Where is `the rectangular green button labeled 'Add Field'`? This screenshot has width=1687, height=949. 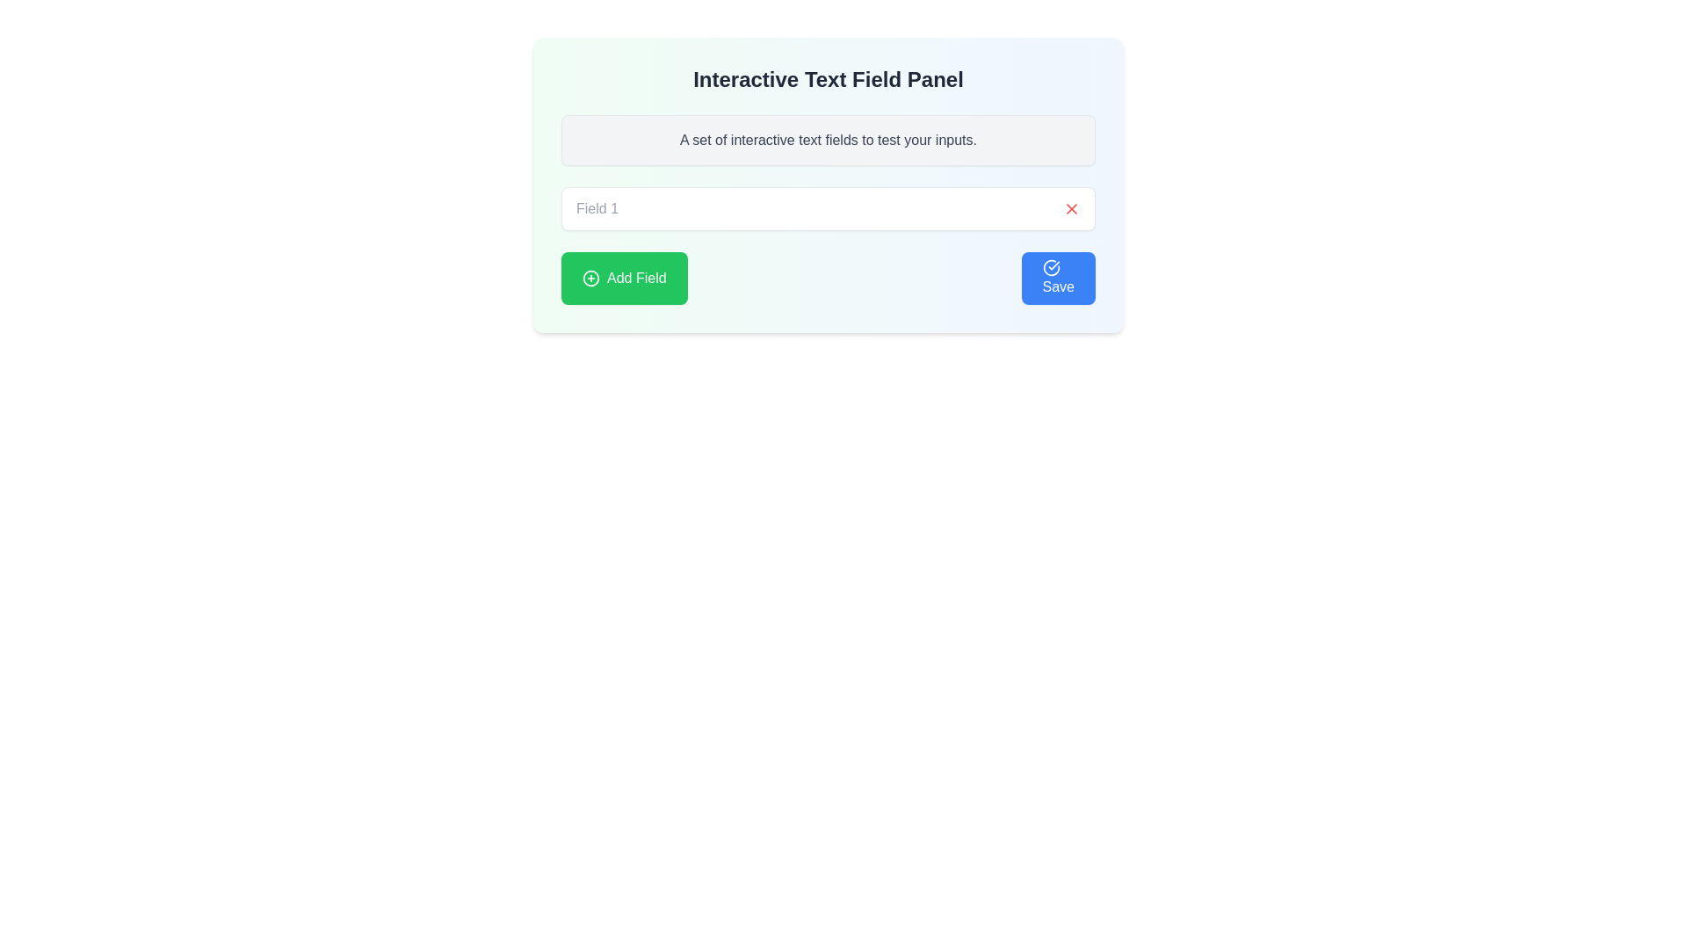
the rectangular green button labeled 'Add Field' is located at coordinates (624, 277).